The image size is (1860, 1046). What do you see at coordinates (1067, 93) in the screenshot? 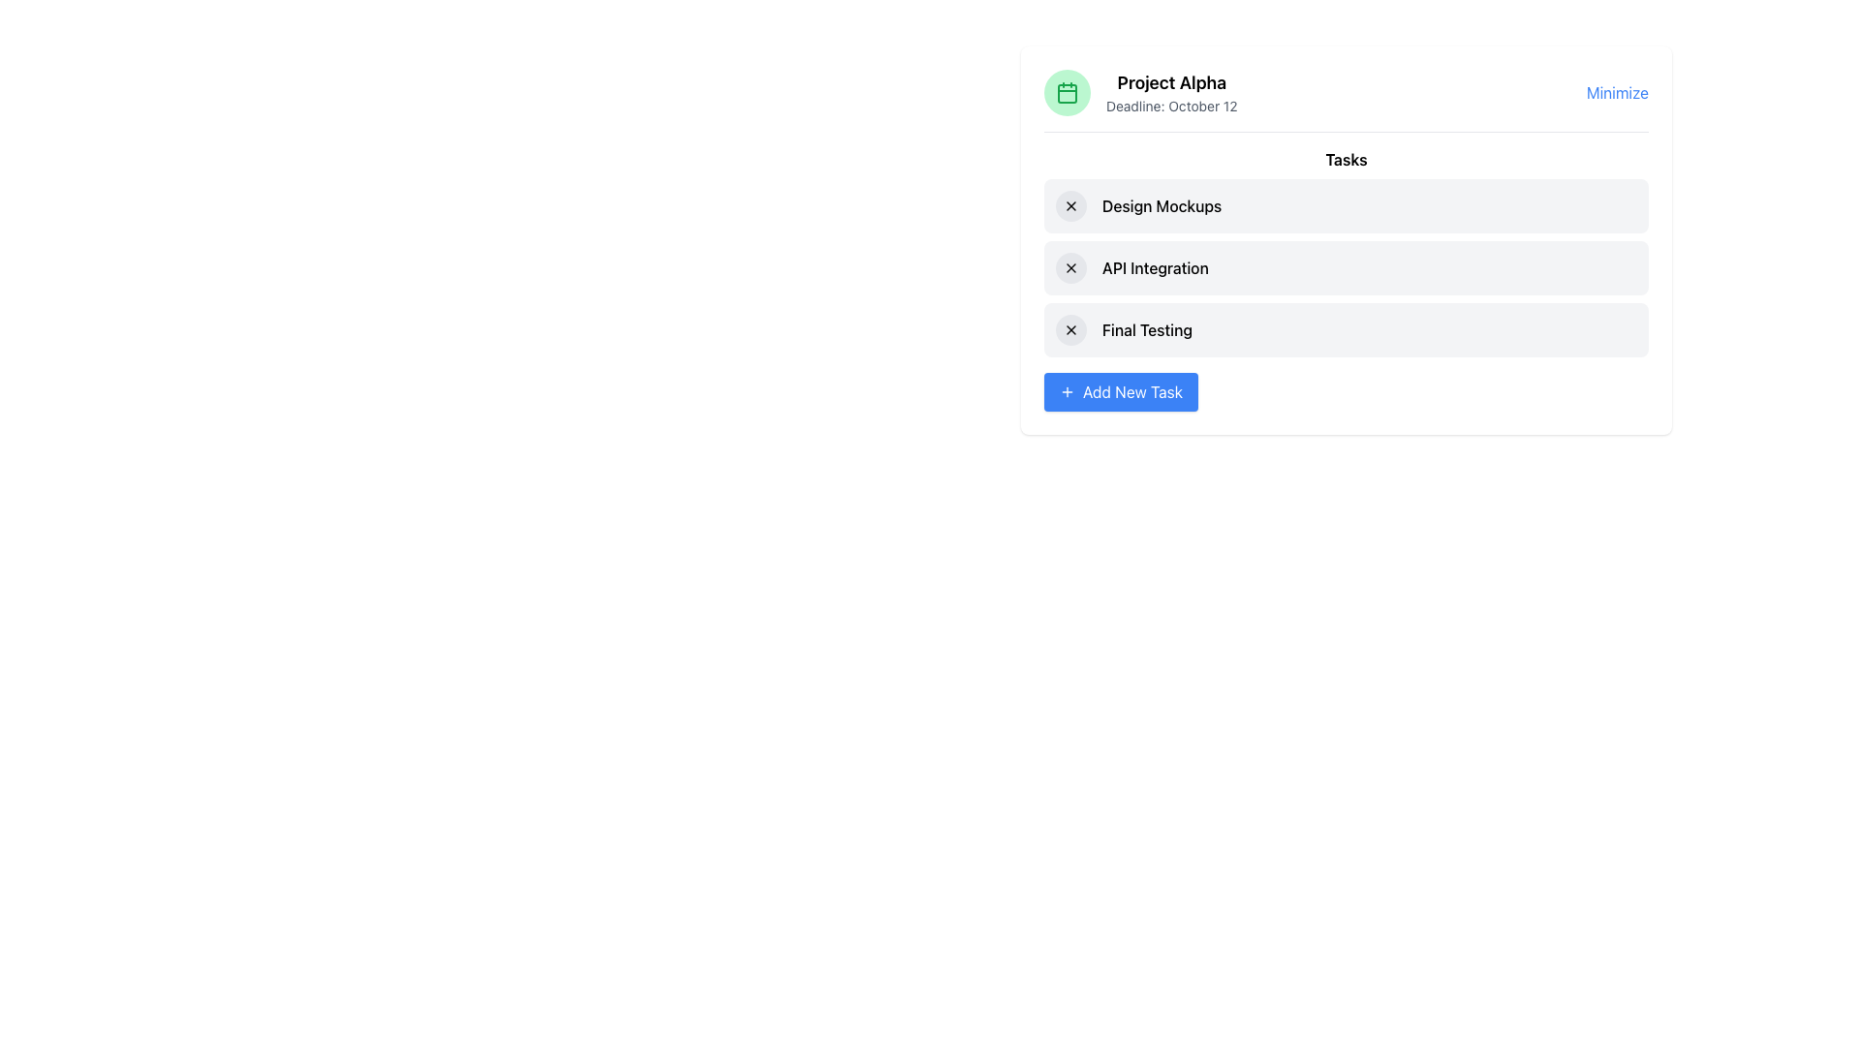
I see `the icon that visually identifies the task labeled 'Project Alpha', located to the left of the text block with 'Project Alpha' and 'Deadline: October 12'` at bounding box center [1067, 93].